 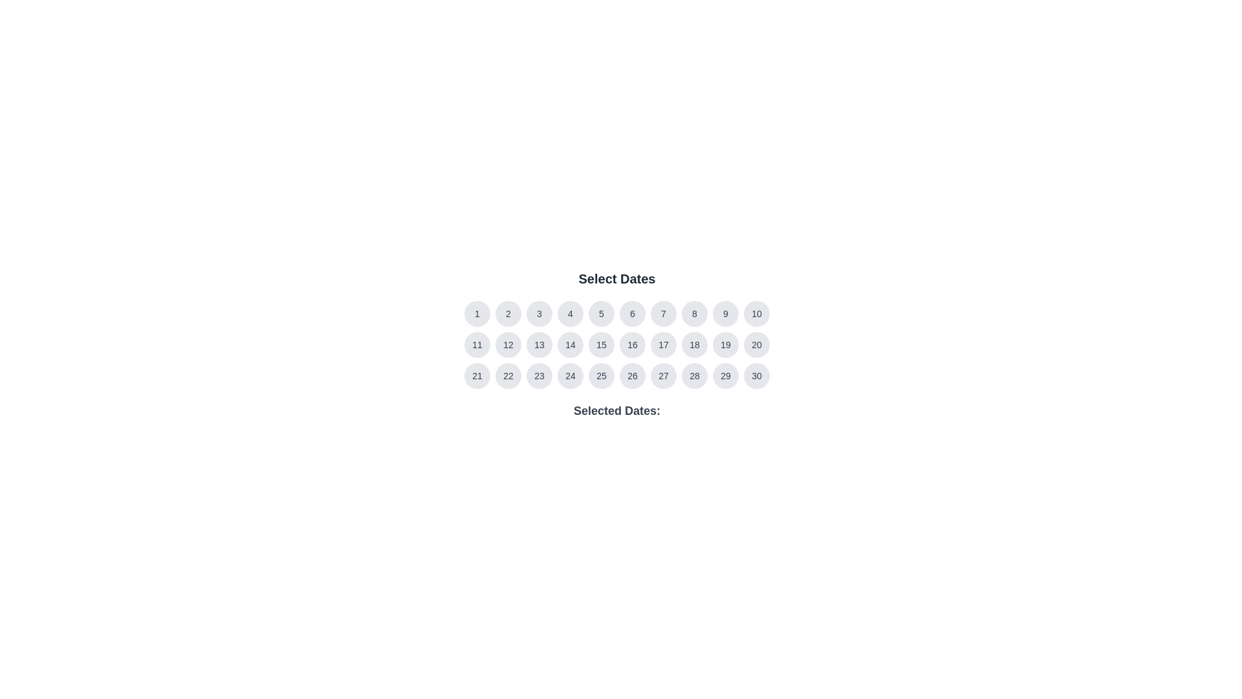 What do you see at coordinates (601, 376) in the screenshot?
I see `the rounded button displaying the number '25' in dark gray text` at bounding box center [601, 376].